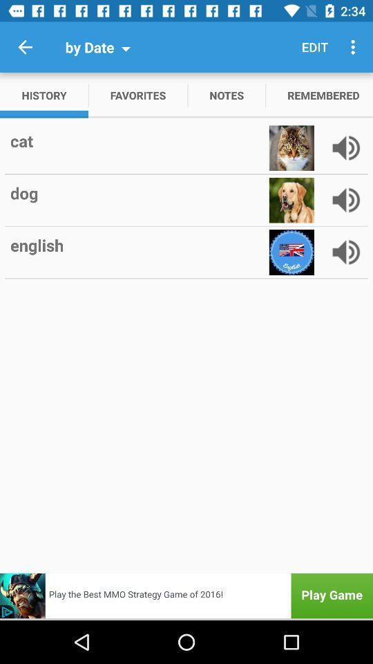  What do you see at coordinates (345, 199) in the screenshot?
I see `a dog barking` at bounding box center [345, 199].